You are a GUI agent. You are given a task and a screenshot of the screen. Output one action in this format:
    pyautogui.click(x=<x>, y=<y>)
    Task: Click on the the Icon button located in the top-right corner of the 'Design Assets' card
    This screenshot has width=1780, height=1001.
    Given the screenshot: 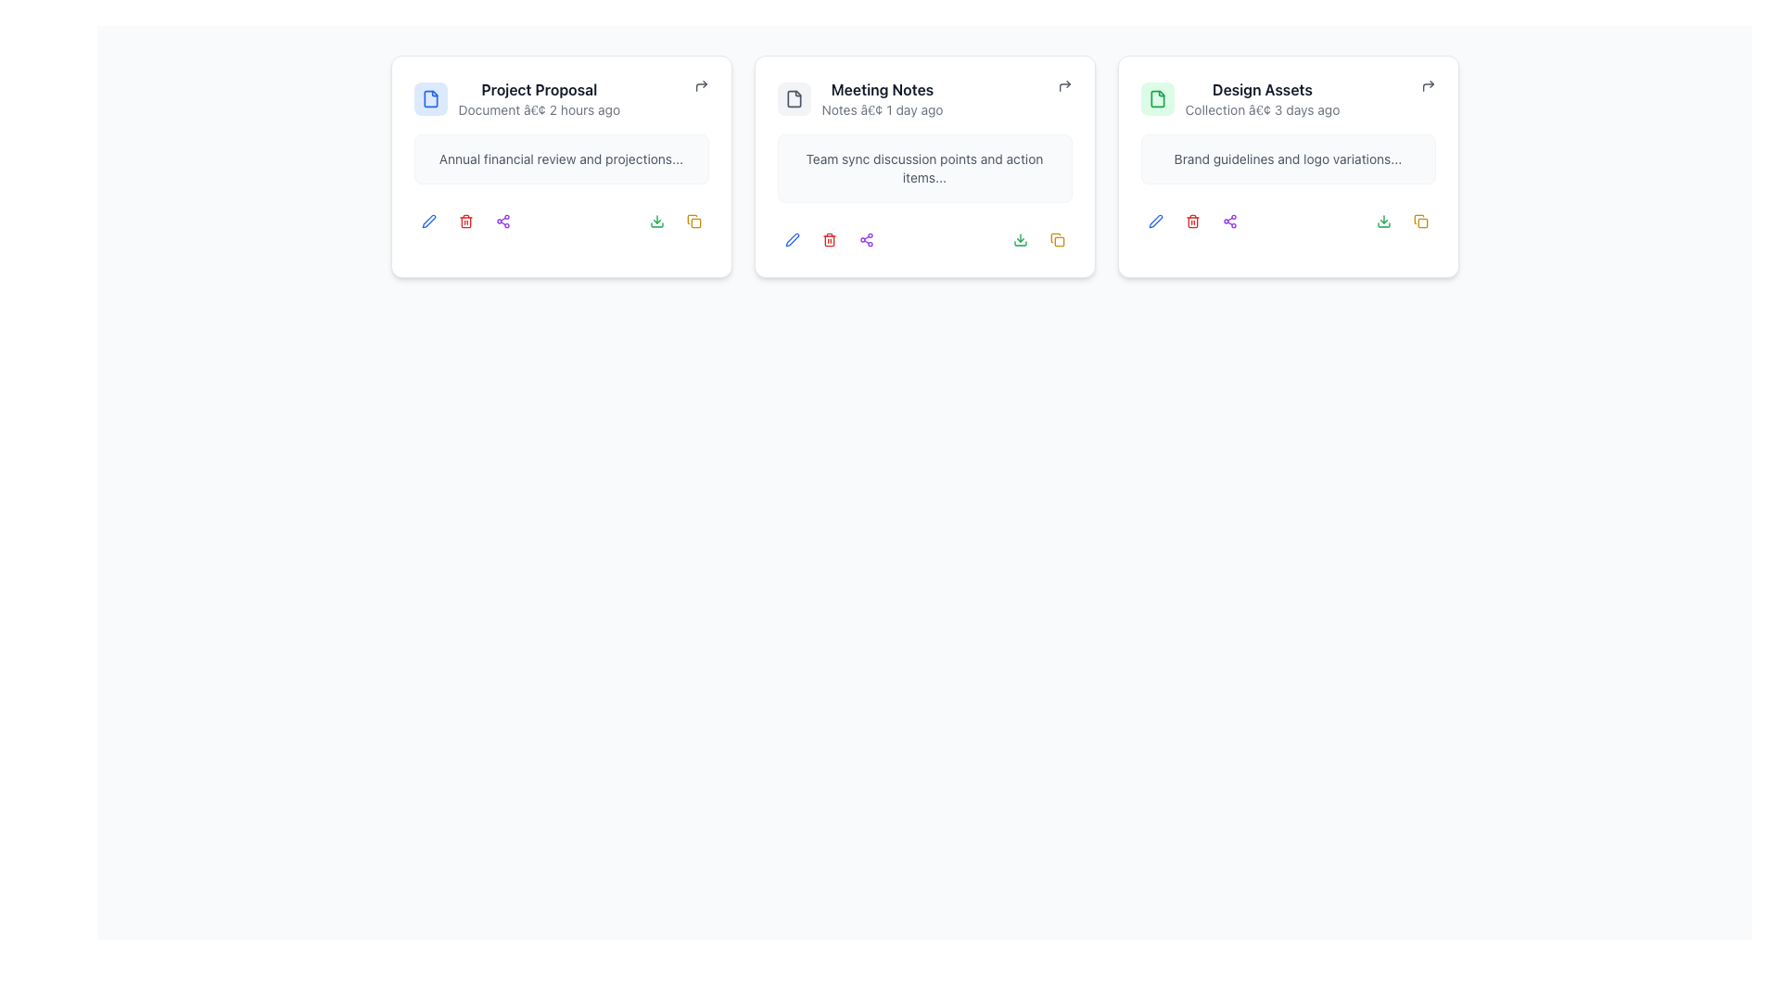 What is the action you would take?
    pyautogui.click(x=1427, y=85)
    